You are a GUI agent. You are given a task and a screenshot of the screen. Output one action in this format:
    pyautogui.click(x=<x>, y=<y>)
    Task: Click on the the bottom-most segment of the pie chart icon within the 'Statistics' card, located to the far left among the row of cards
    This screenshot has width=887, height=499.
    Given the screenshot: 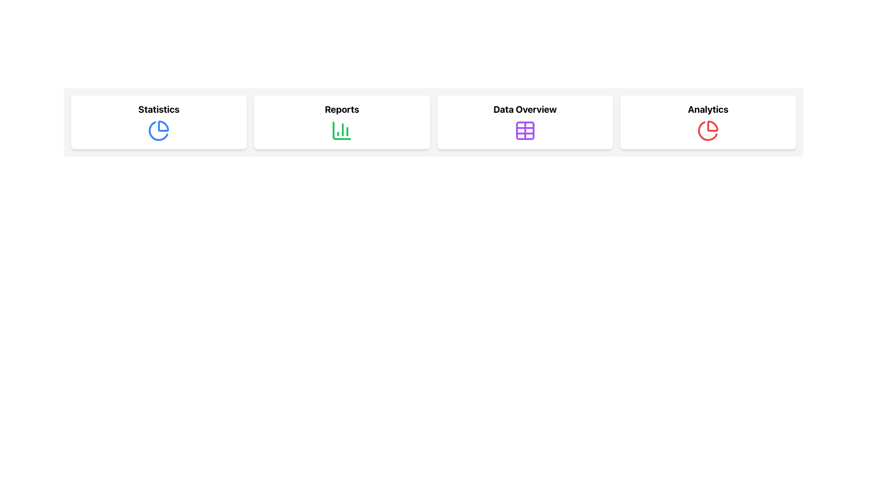 What is the action you would take?
    pyautogui.click(x=164, y=126)
    